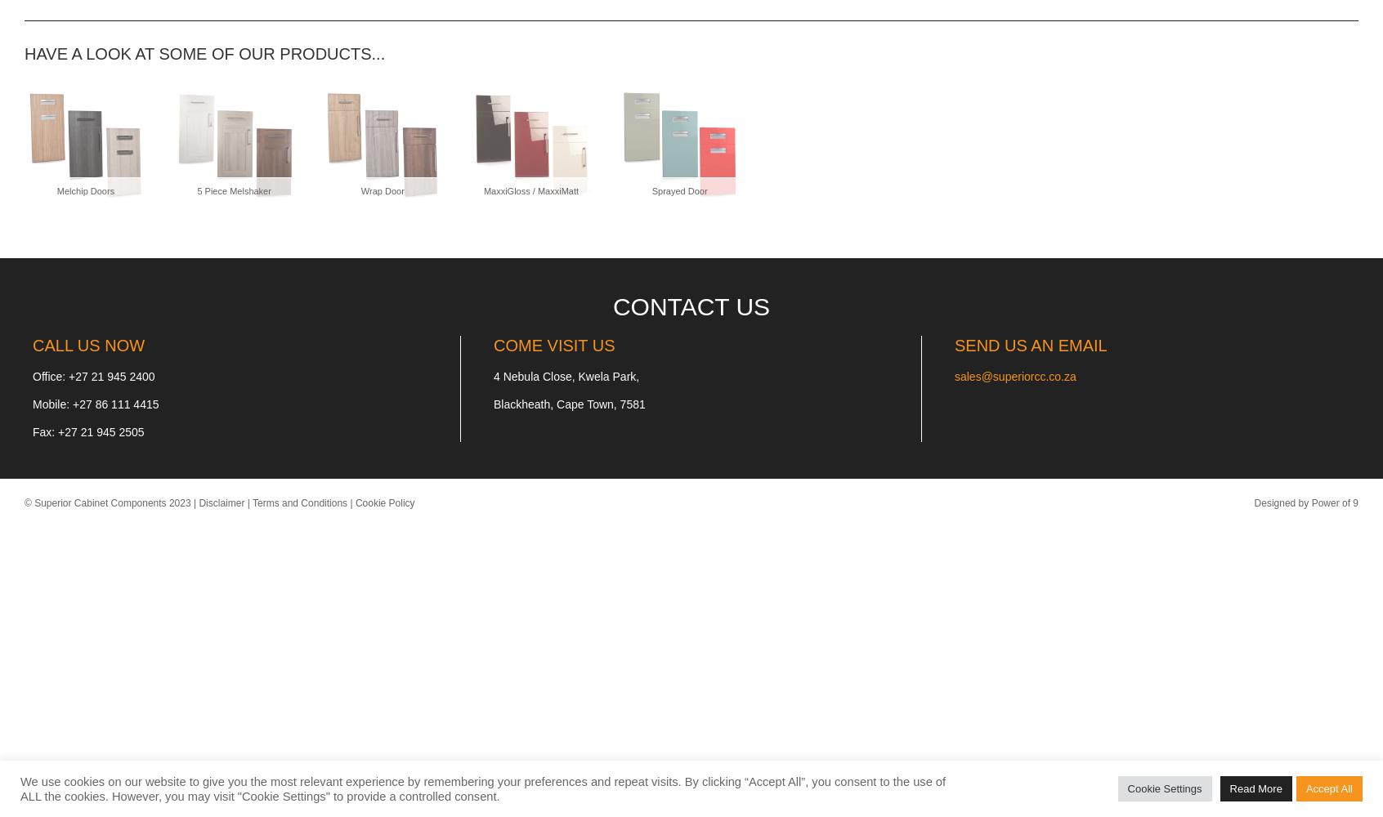  What do you see at coordinates (299, 502) in the screenshot?
I see `'Terms and Conditions'` at bounding box center [299, 502].